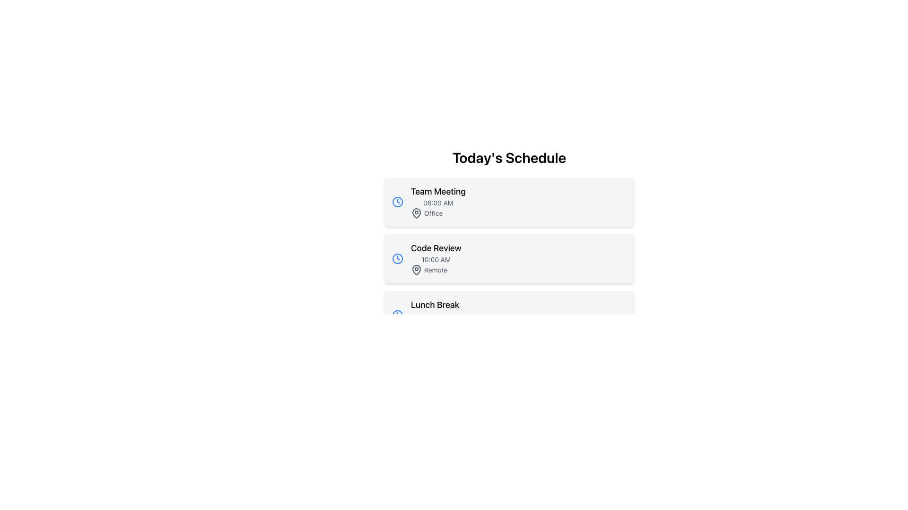 The height and width of the screenshot is (510, 908). What do you see at coordinates (397, 258) in the screenshot?
I see `the graphical information of the clock icon within the second event card titled 'Code Review' on today's schedule` at bounding box center [397, 258].